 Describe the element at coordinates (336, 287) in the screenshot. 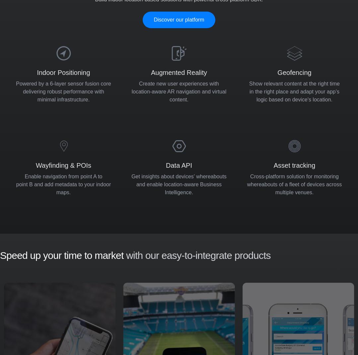

I see `'Accept All'` at that location.